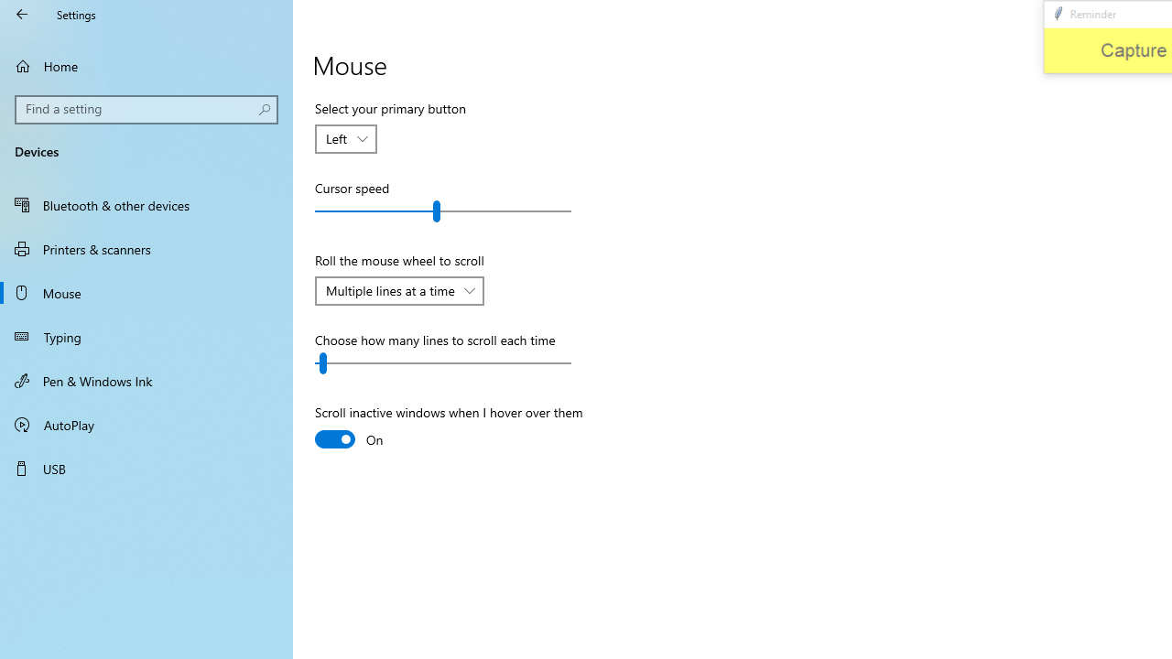 Image resolution: width=1172 pixels, height=659 pixels. I want to click on 'Roll the mouse wheel to scroll', so click(398, 289).